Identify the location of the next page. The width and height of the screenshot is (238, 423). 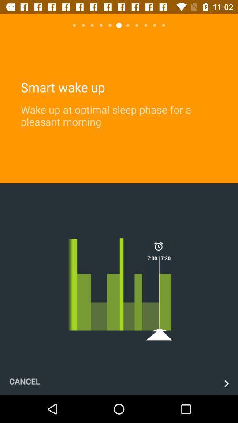
(226, 383).